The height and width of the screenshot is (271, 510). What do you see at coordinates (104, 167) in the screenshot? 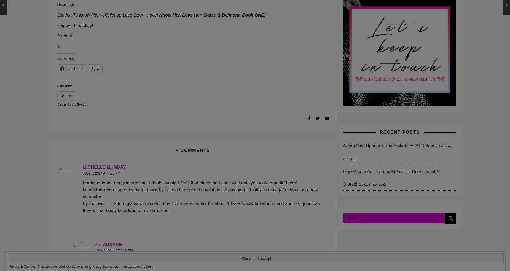
I see `'Michelle Munday'` at bounding box center [104, 167].